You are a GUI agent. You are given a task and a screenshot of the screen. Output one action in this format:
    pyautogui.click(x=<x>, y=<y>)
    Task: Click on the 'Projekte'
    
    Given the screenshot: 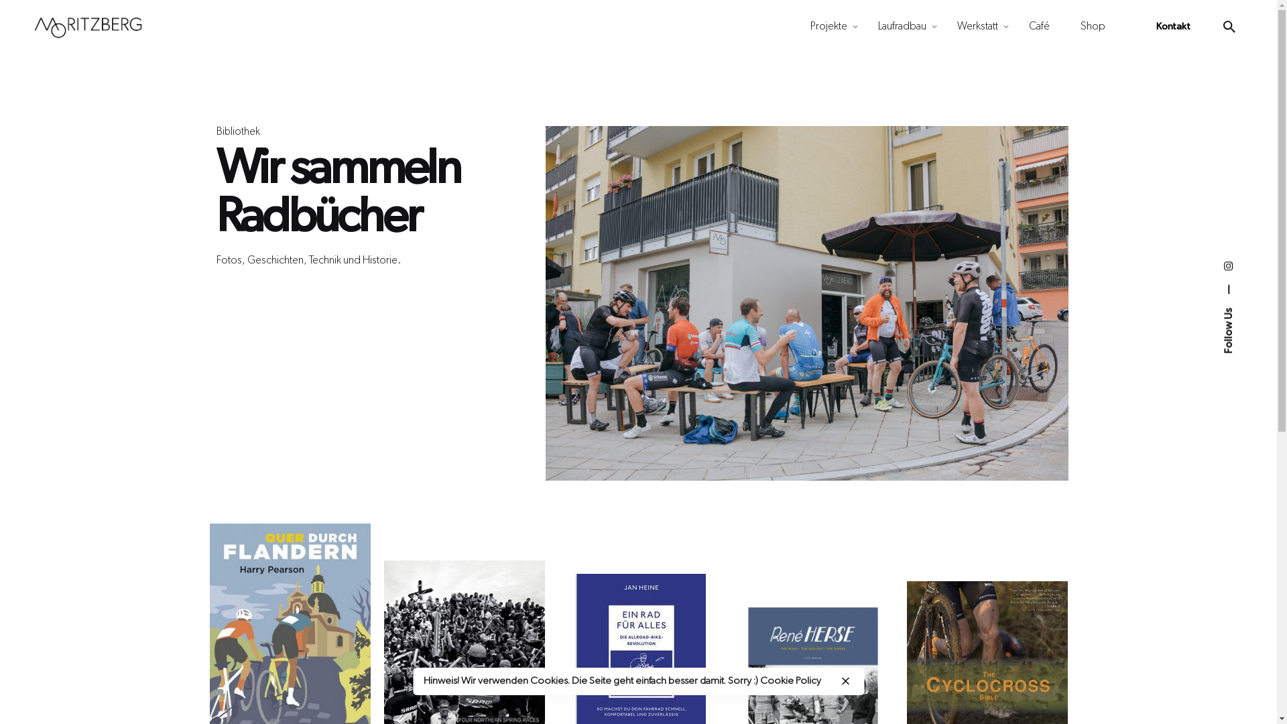 What is the action you would take?
    pyautogui.click(x=828, y=26)
    